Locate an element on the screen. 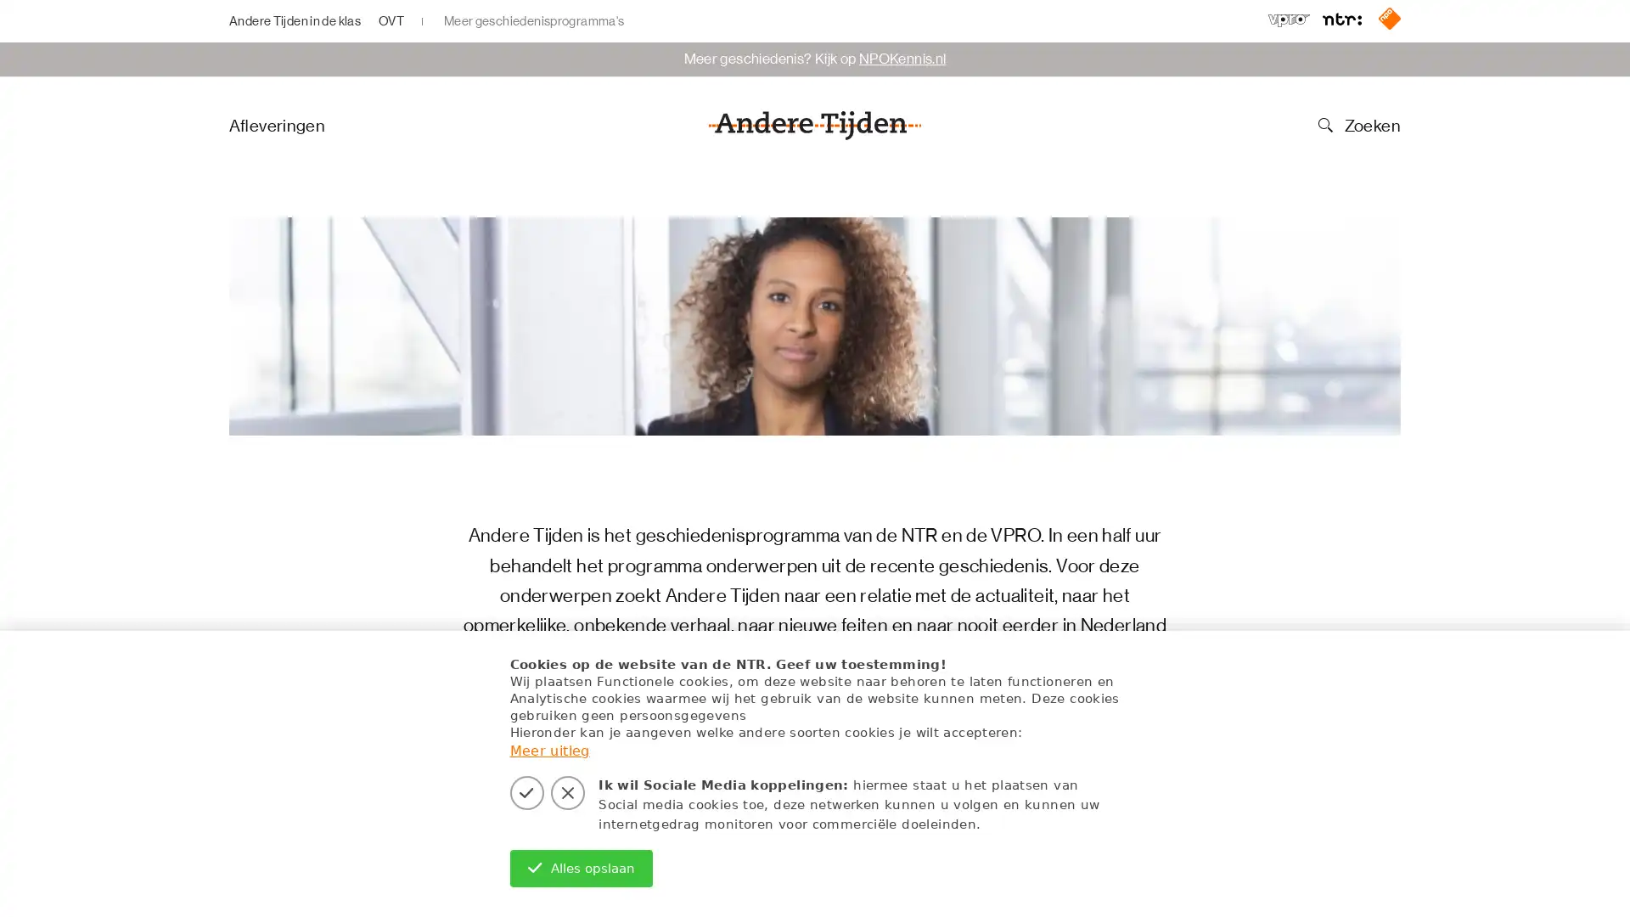 The height and width of the screenshot is (917, 1630). Alles opslaan is located at coordinates (581, 868).